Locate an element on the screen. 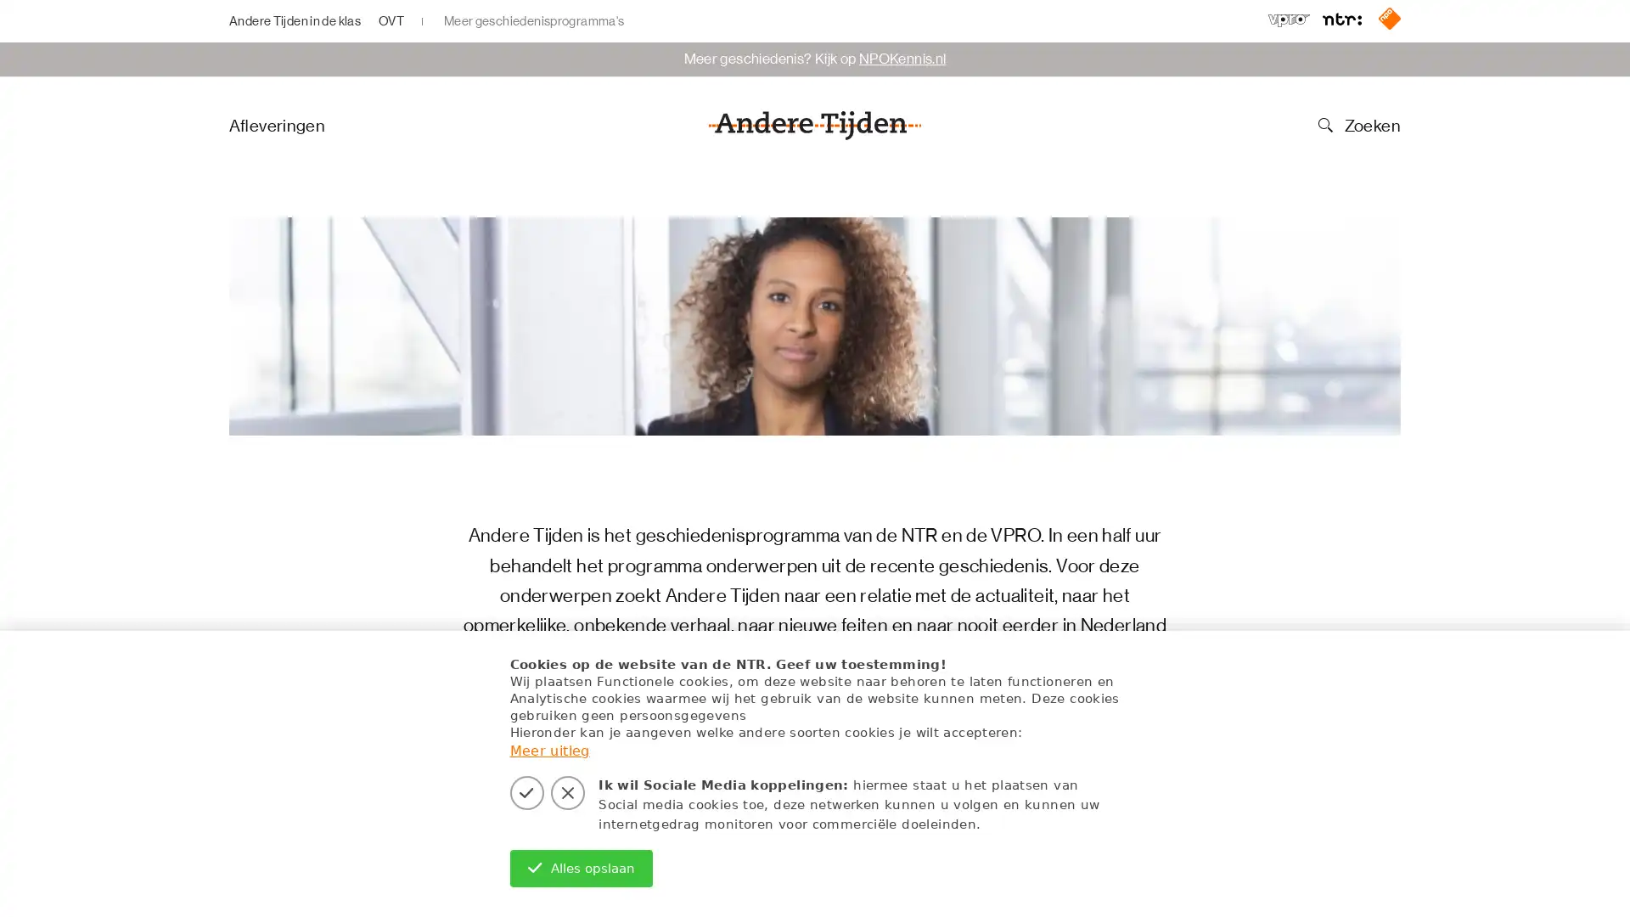 The height and width of the screenshot is (917, 1630). Alles opslaan is located at coordinates (581, 868).